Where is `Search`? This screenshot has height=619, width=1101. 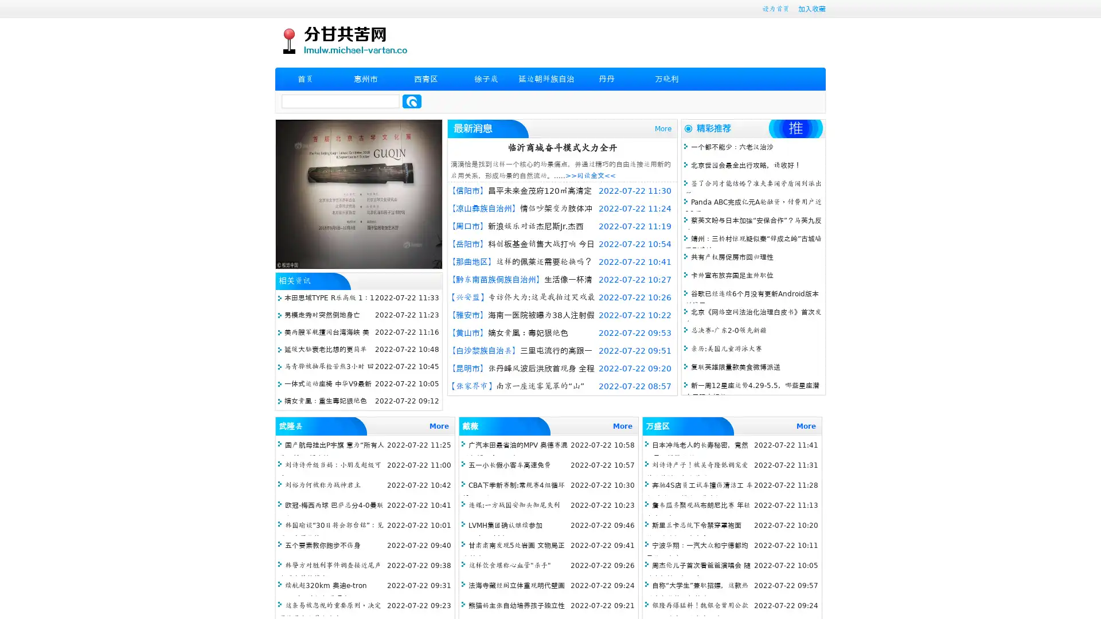 Search is located at coordinates (412, 101).